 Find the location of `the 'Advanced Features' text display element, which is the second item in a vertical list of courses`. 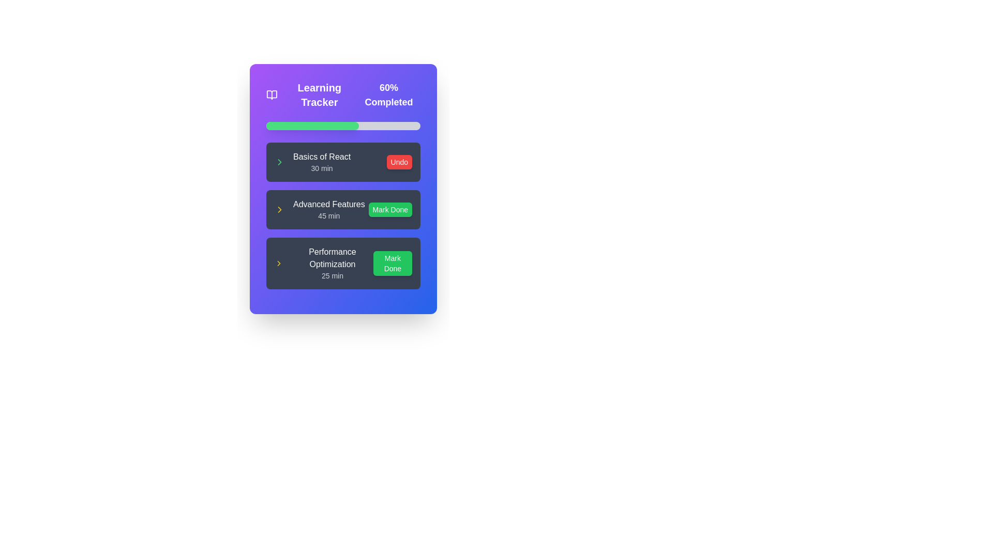

the 'Advanced Features' text display element, which is the second item in a vertical list of courses is located at coordinates (328, 209).